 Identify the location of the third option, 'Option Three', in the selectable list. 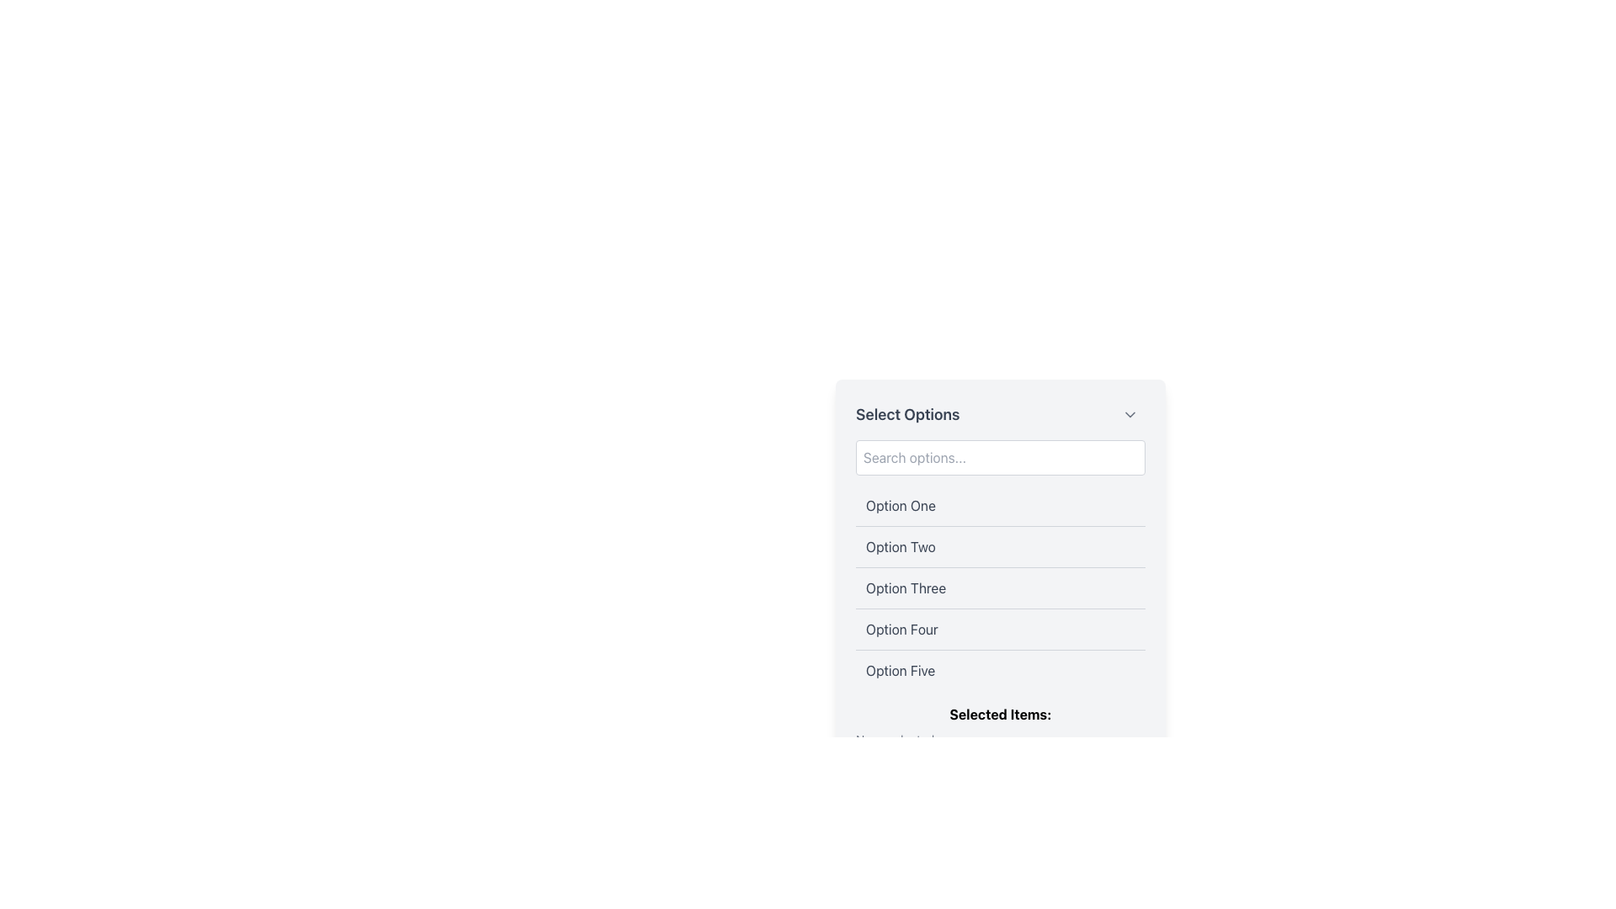
(1001, 587).